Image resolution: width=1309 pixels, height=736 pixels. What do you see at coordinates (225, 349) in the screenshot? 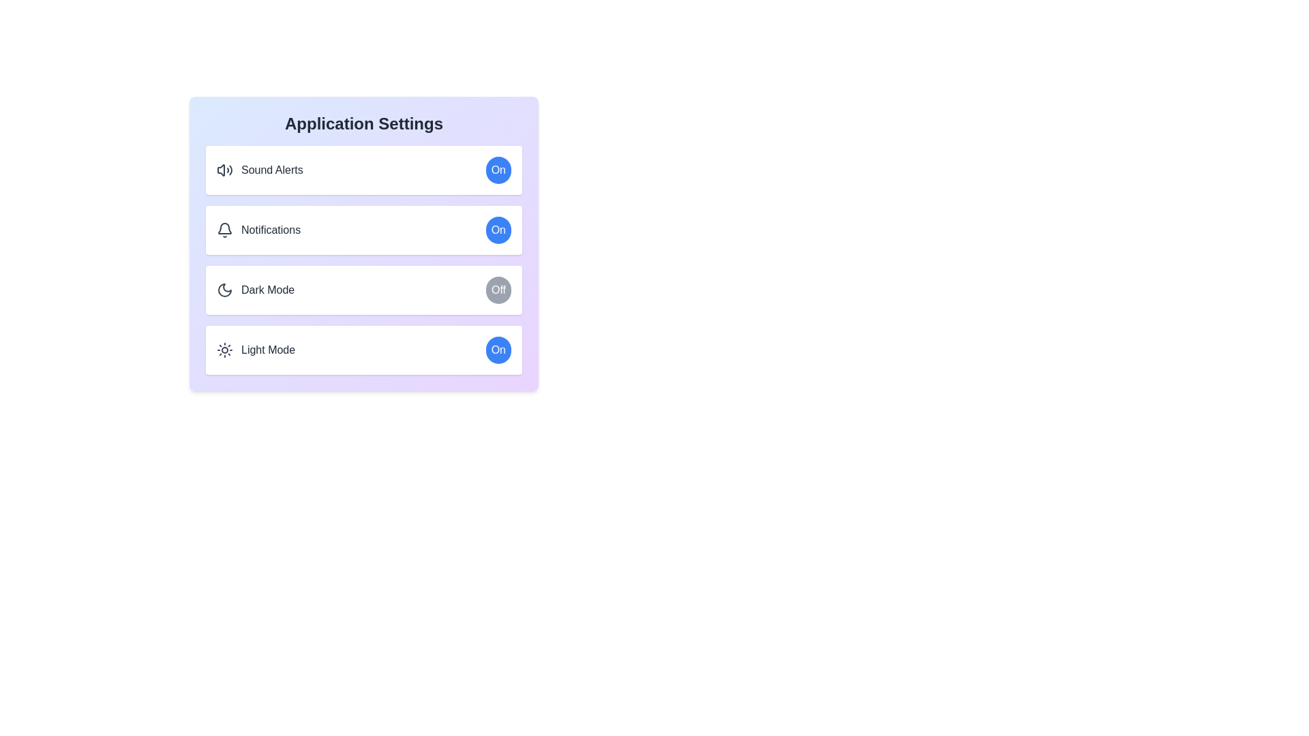
I see `the sun icon representing 'Light Mode', which is a circular symbol with radiating lines located in the fourth row of the settings list` at bounding box center [225, 349].